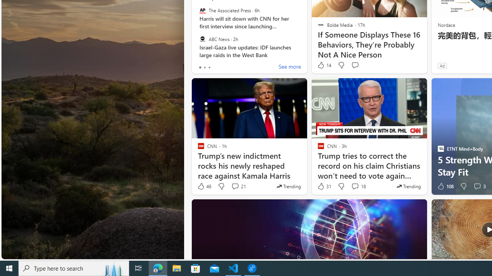 The image size is (492, 276). Describe the element at coordinates (202, 39) in the screenshot. I see `'ABC News'` at that location.